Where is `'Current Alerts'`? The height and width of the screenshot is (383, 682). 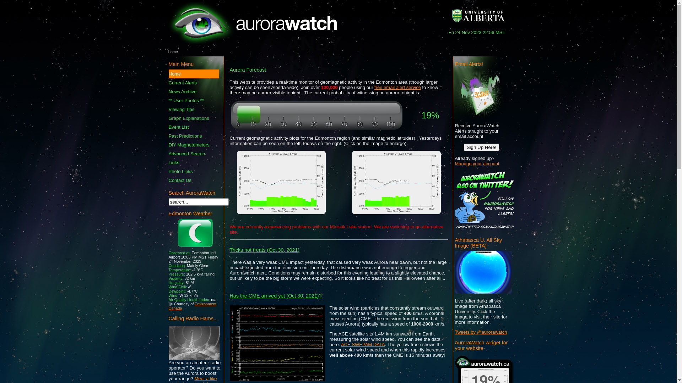
'Current Alerts' is located at coordinates (168, 82).